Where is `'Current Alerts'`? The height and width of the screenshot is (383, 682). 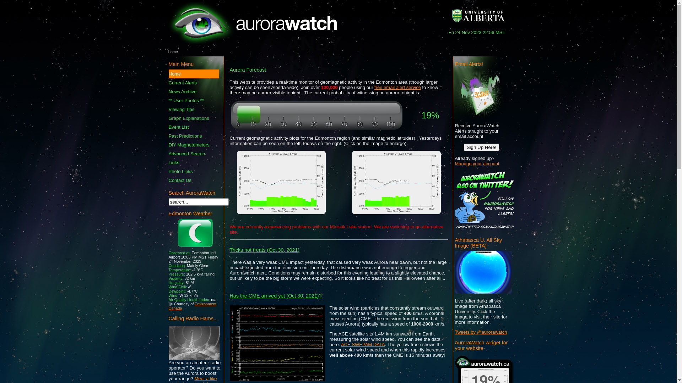
'Current Alerts' is located at coordinates (168, 82).